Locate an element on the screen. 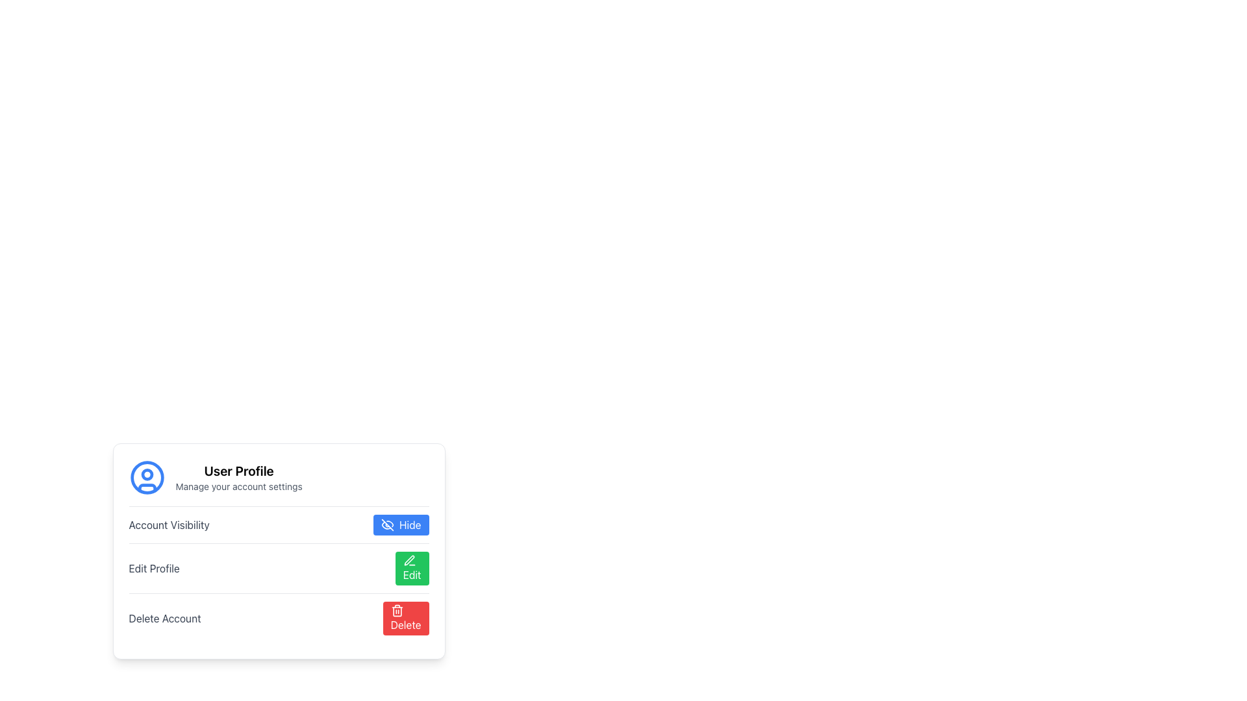 The image size is (1247, 701). the informational text label providing a description related to managing the user profile, positioned directly beneath the 'User Profile' heading is located at coordinates (239, 486).